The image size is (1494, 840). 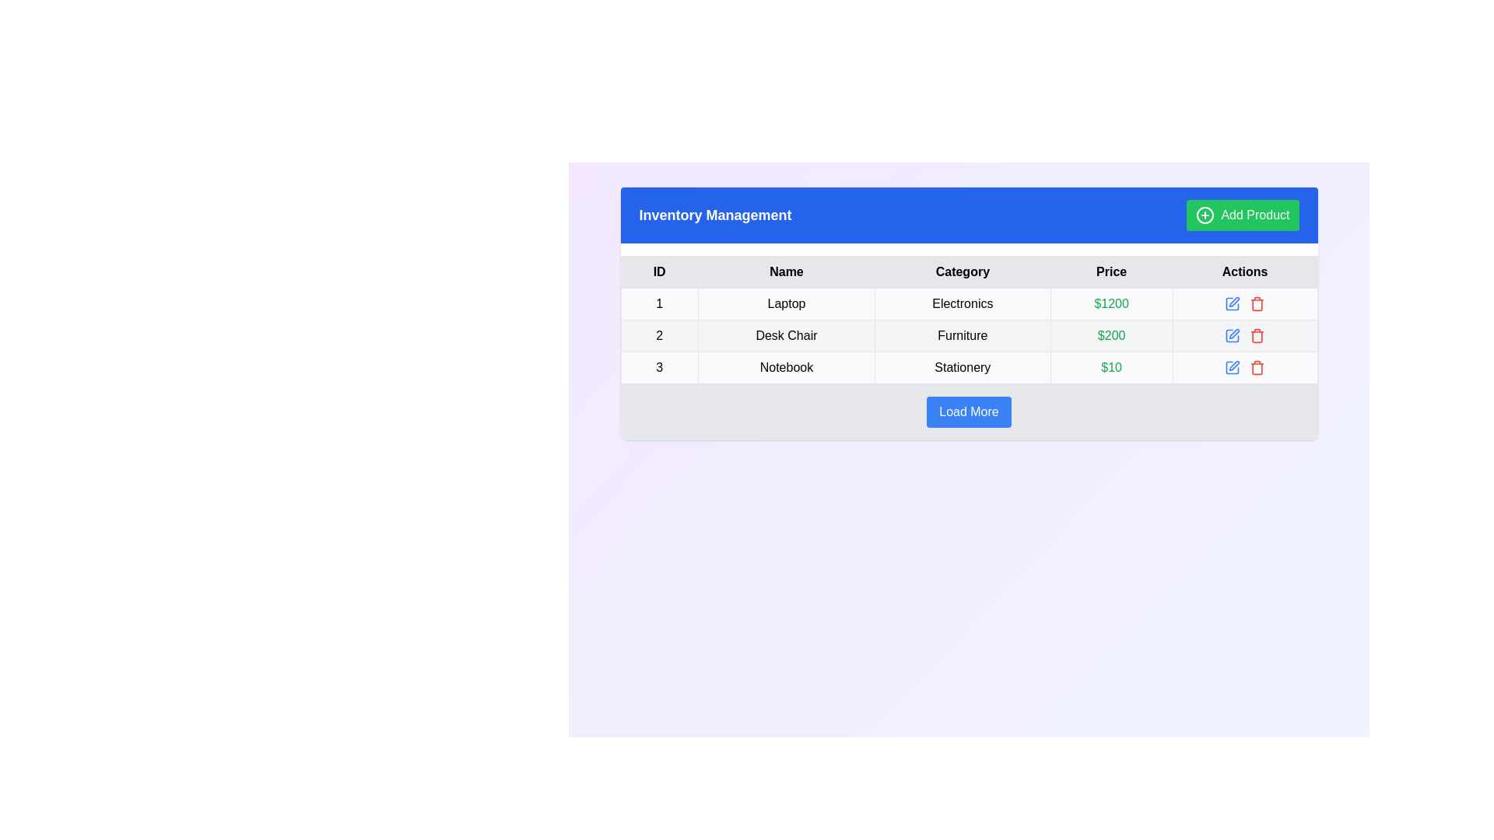 What do you see at coordinates (1257, 305) in the screenshot?
I see `the trash icon in the last row of the Actions column for keyboard interaction` at bounding box center [1257, 305].